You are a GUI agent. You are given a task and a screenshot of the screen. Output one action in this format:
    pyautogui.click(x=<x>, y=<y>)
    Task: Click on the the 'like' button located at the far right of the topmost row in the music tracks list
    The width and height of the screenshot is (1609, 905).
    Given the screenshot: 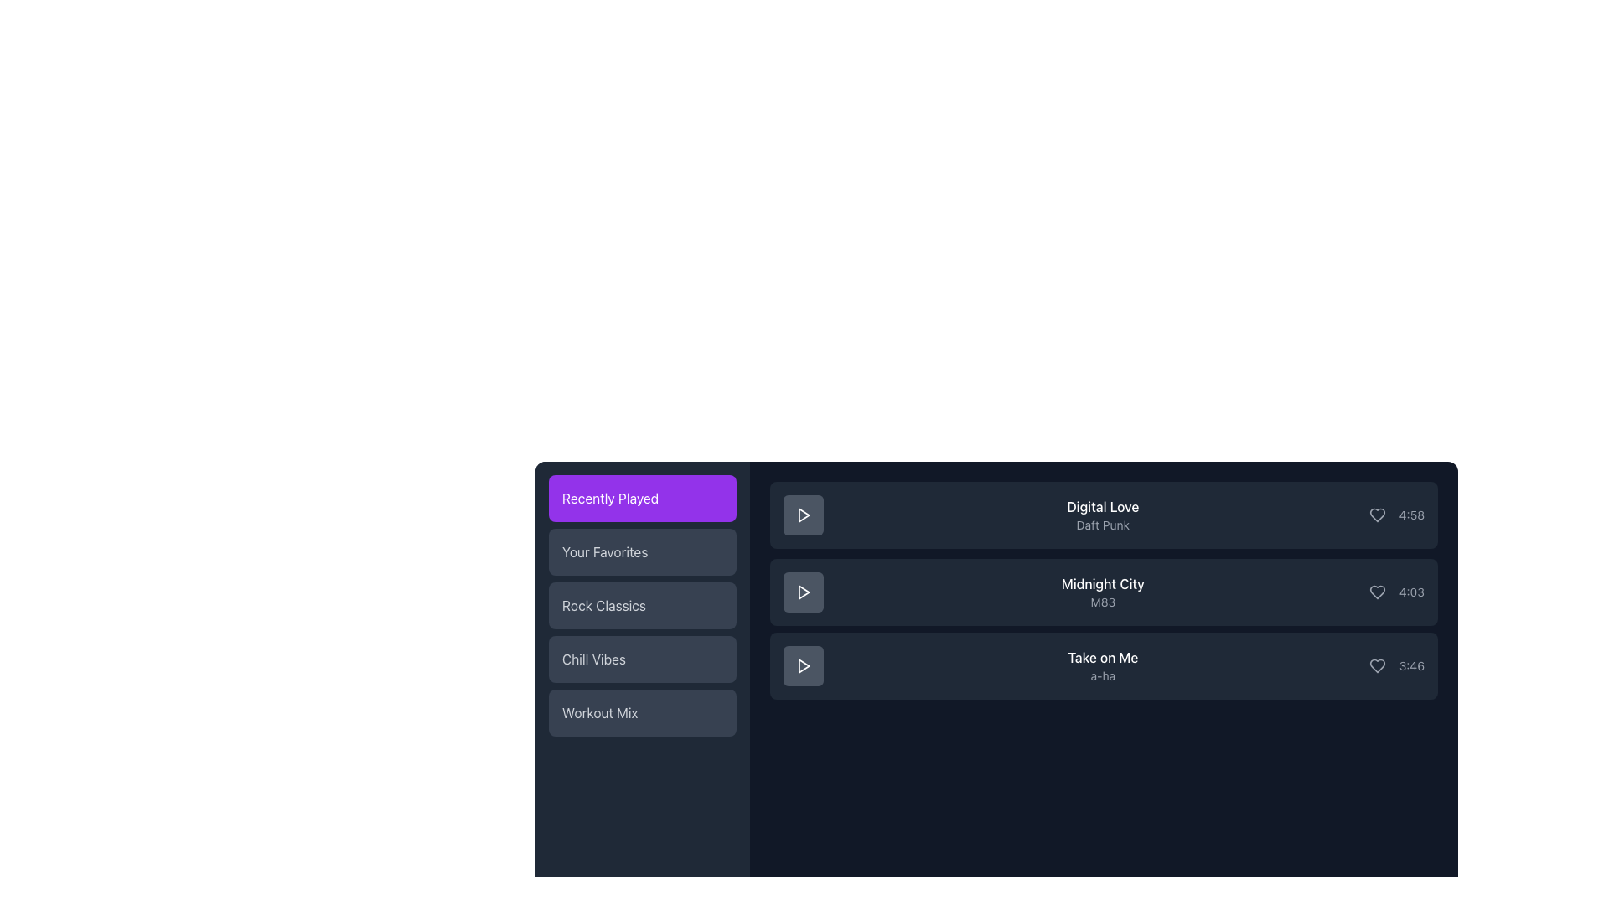 What is the action you would take?
    pyautogui.click(x=1377, y=514)
    